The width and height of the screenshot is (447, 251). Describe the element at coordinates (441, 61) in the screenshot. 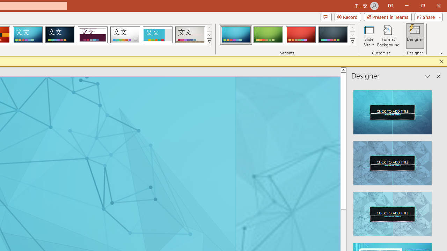

I see `'Close this message'` at that location.